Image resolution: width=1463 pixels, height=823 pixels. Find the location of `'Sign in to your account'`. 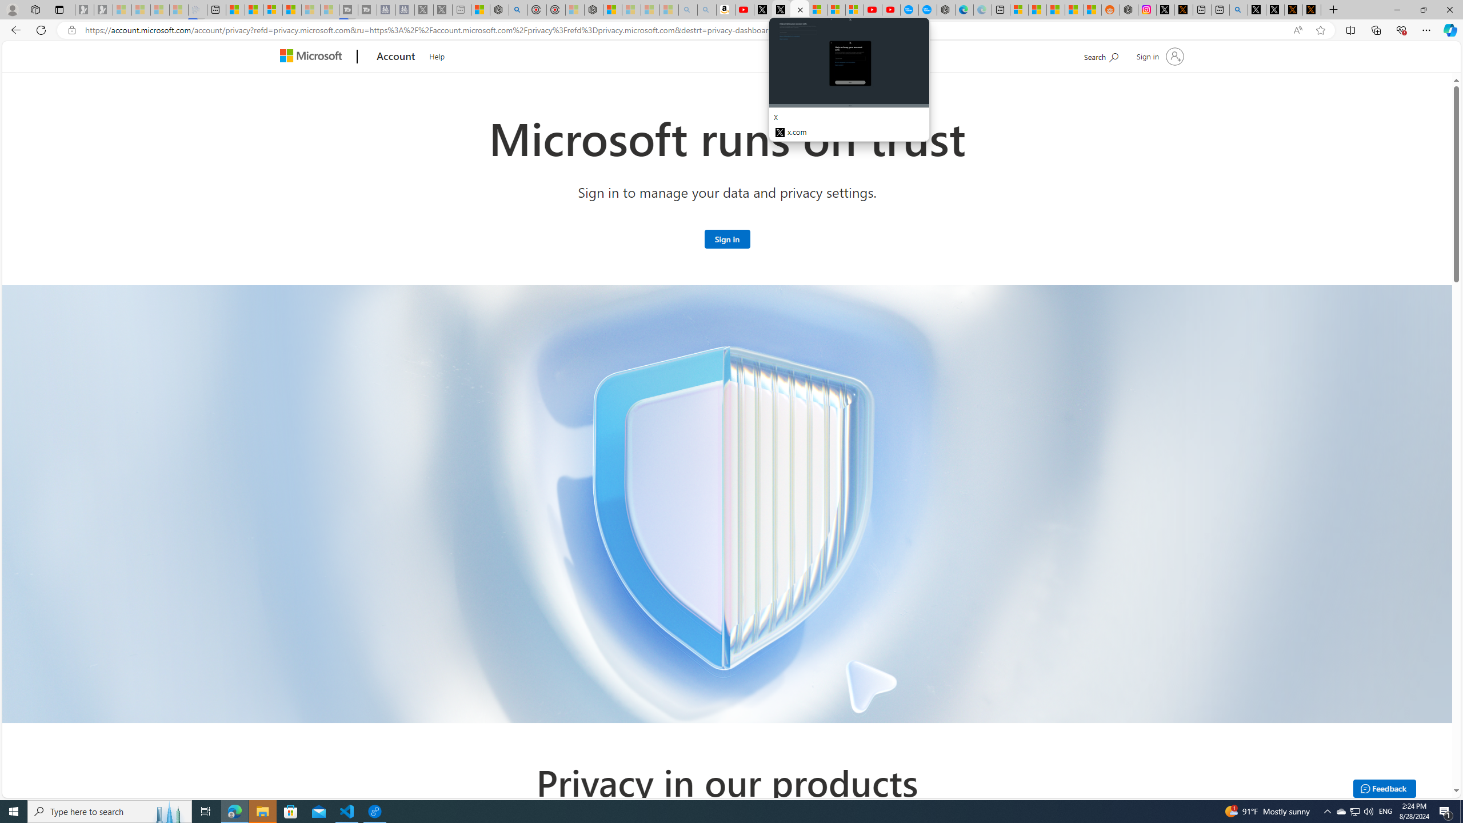

'Sign in to your account' is located at coordinates (1158, 55).